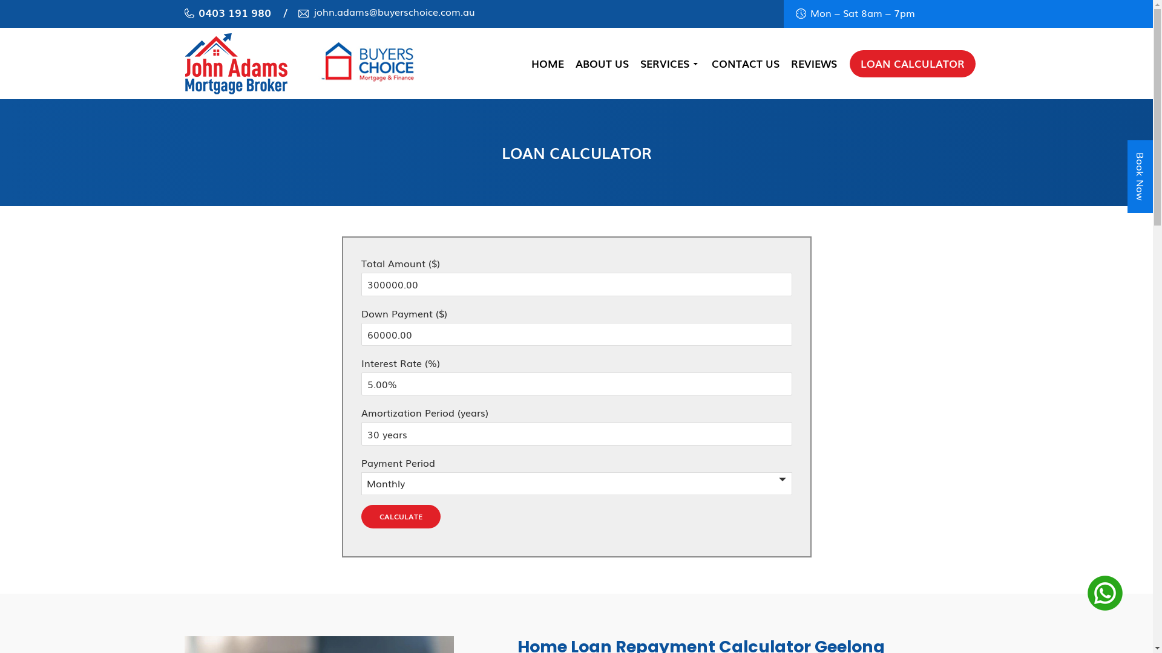 This screenshot has width=1162, height=653. Describe the element at coordinates (745, 63) in the screenshot. I see `'CONTACT US'` at that location.